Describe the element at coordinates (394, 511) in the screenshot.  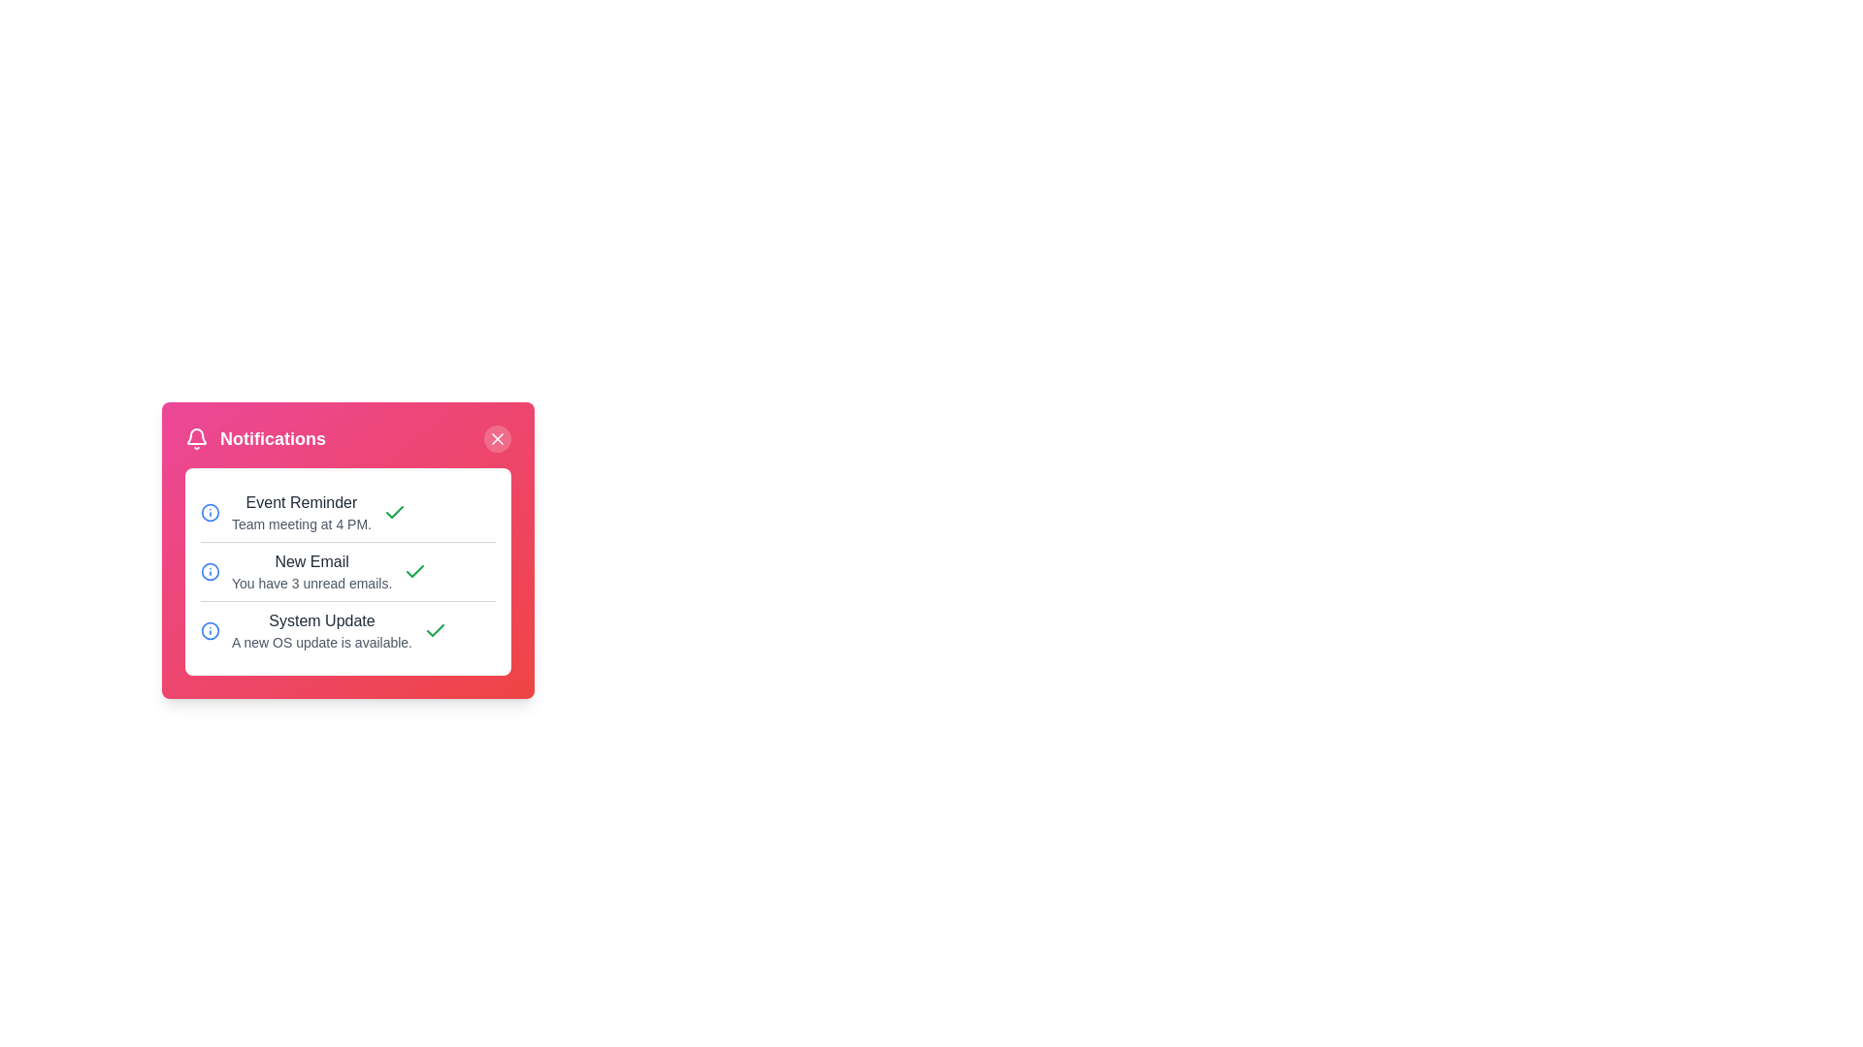
I see `the green checkmark icon located at the right end of the 'Event Reminder' text in the notification box` at that location.